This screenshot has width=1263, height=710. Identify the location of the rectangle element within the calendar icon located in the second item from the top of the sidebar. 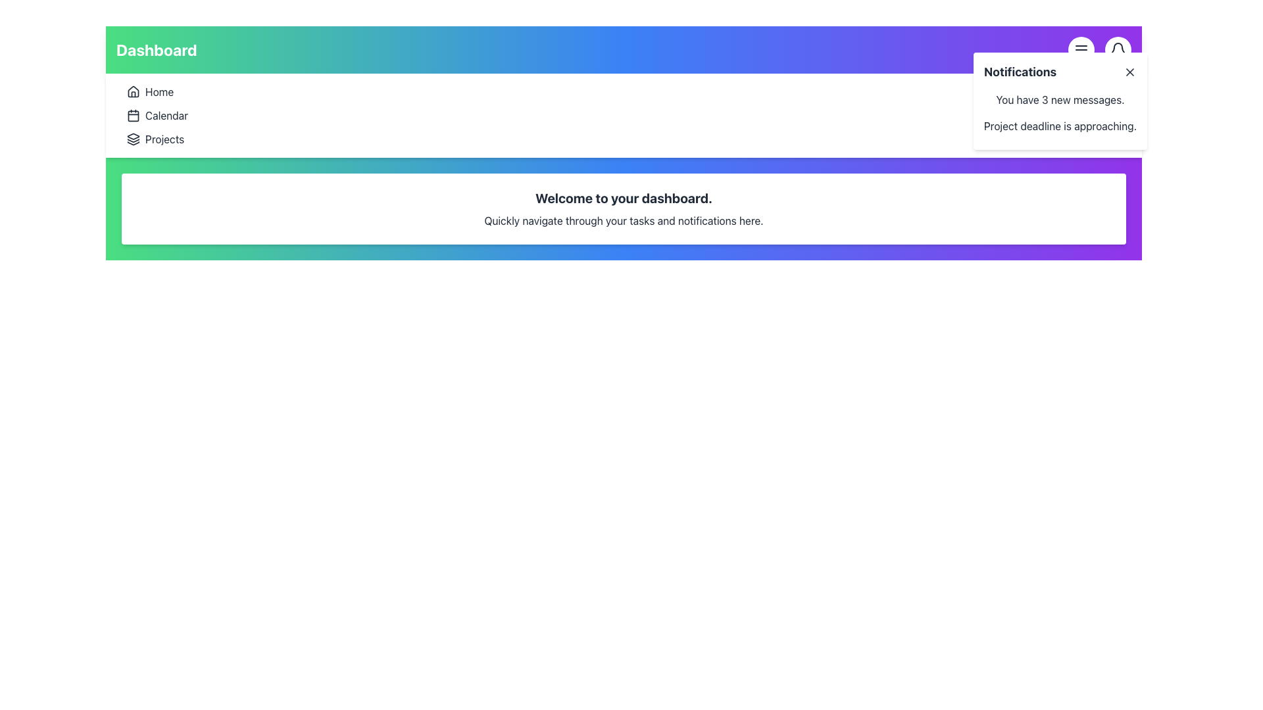
(133, 115).